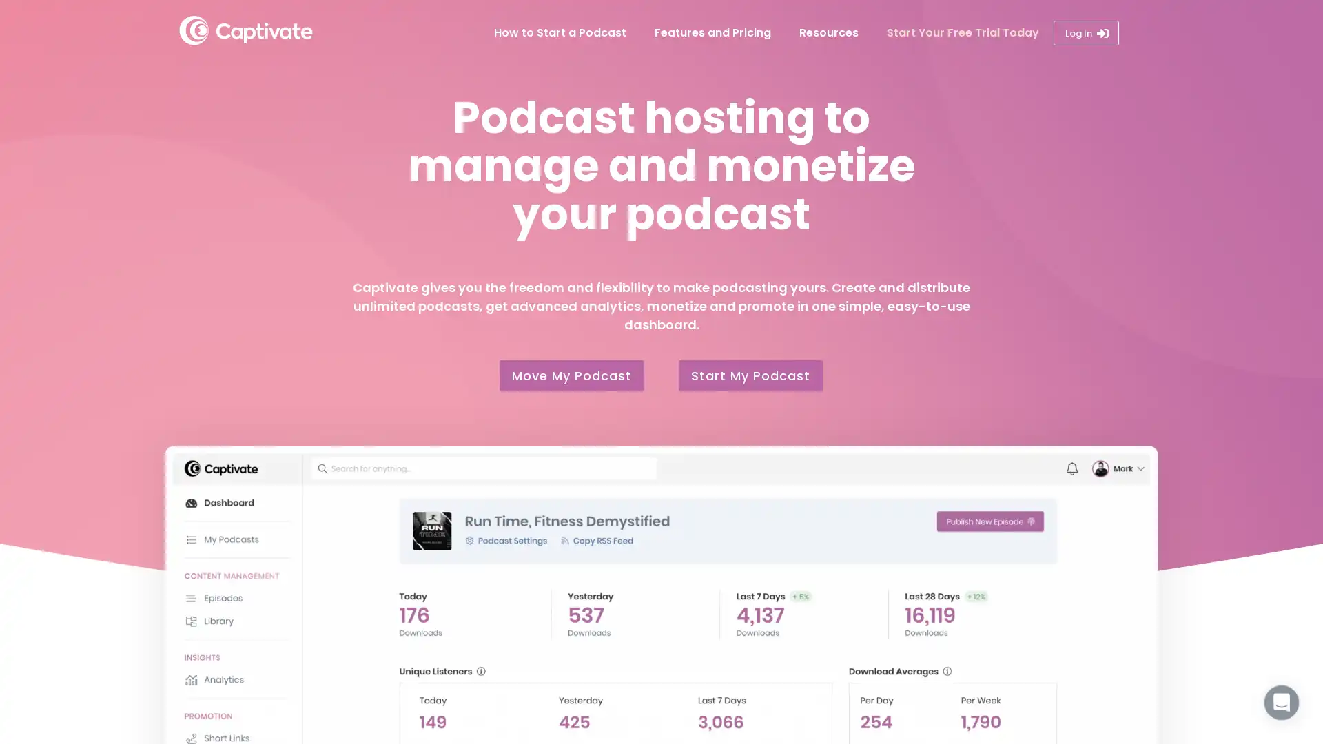  What do you see at coordinates (572, 375) in the screenshot?
I see `Move My Podcast` at bounding box center [572, 375].